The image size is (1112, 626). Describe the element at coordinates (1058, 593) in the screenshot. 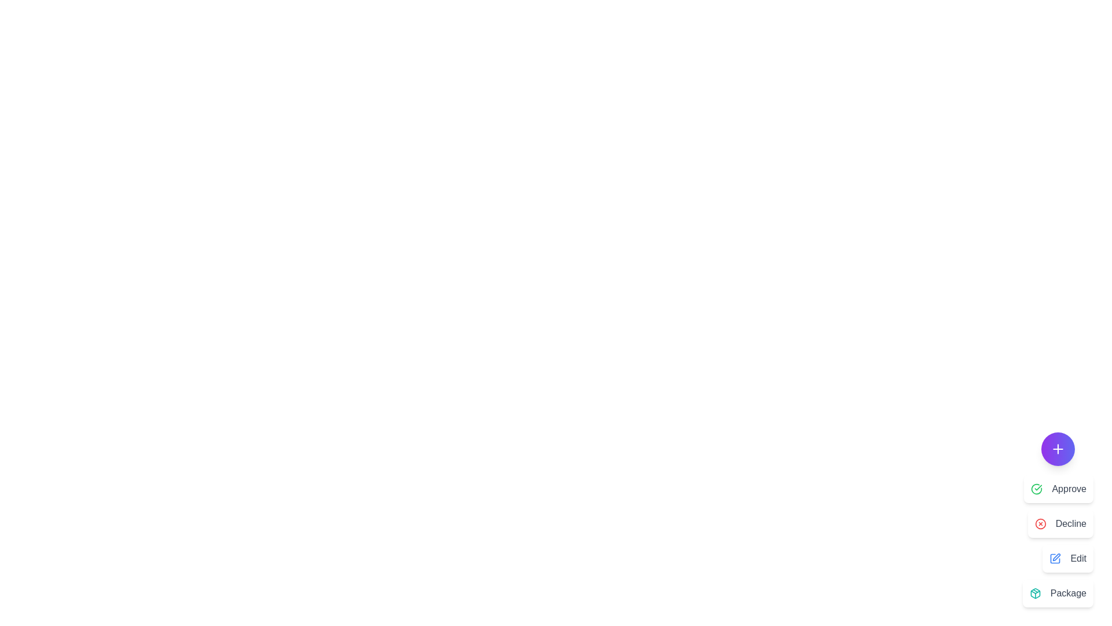

I see `the 'Package' button to activate the action` at that location.